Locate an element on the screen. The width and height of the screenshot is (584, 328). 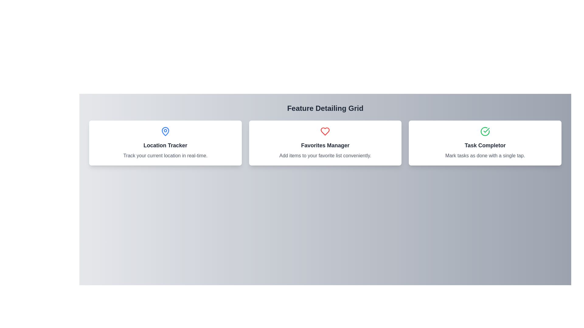
the circular green checkmark icon above the text 'Task Completor' is located at coordinates (485, 131).